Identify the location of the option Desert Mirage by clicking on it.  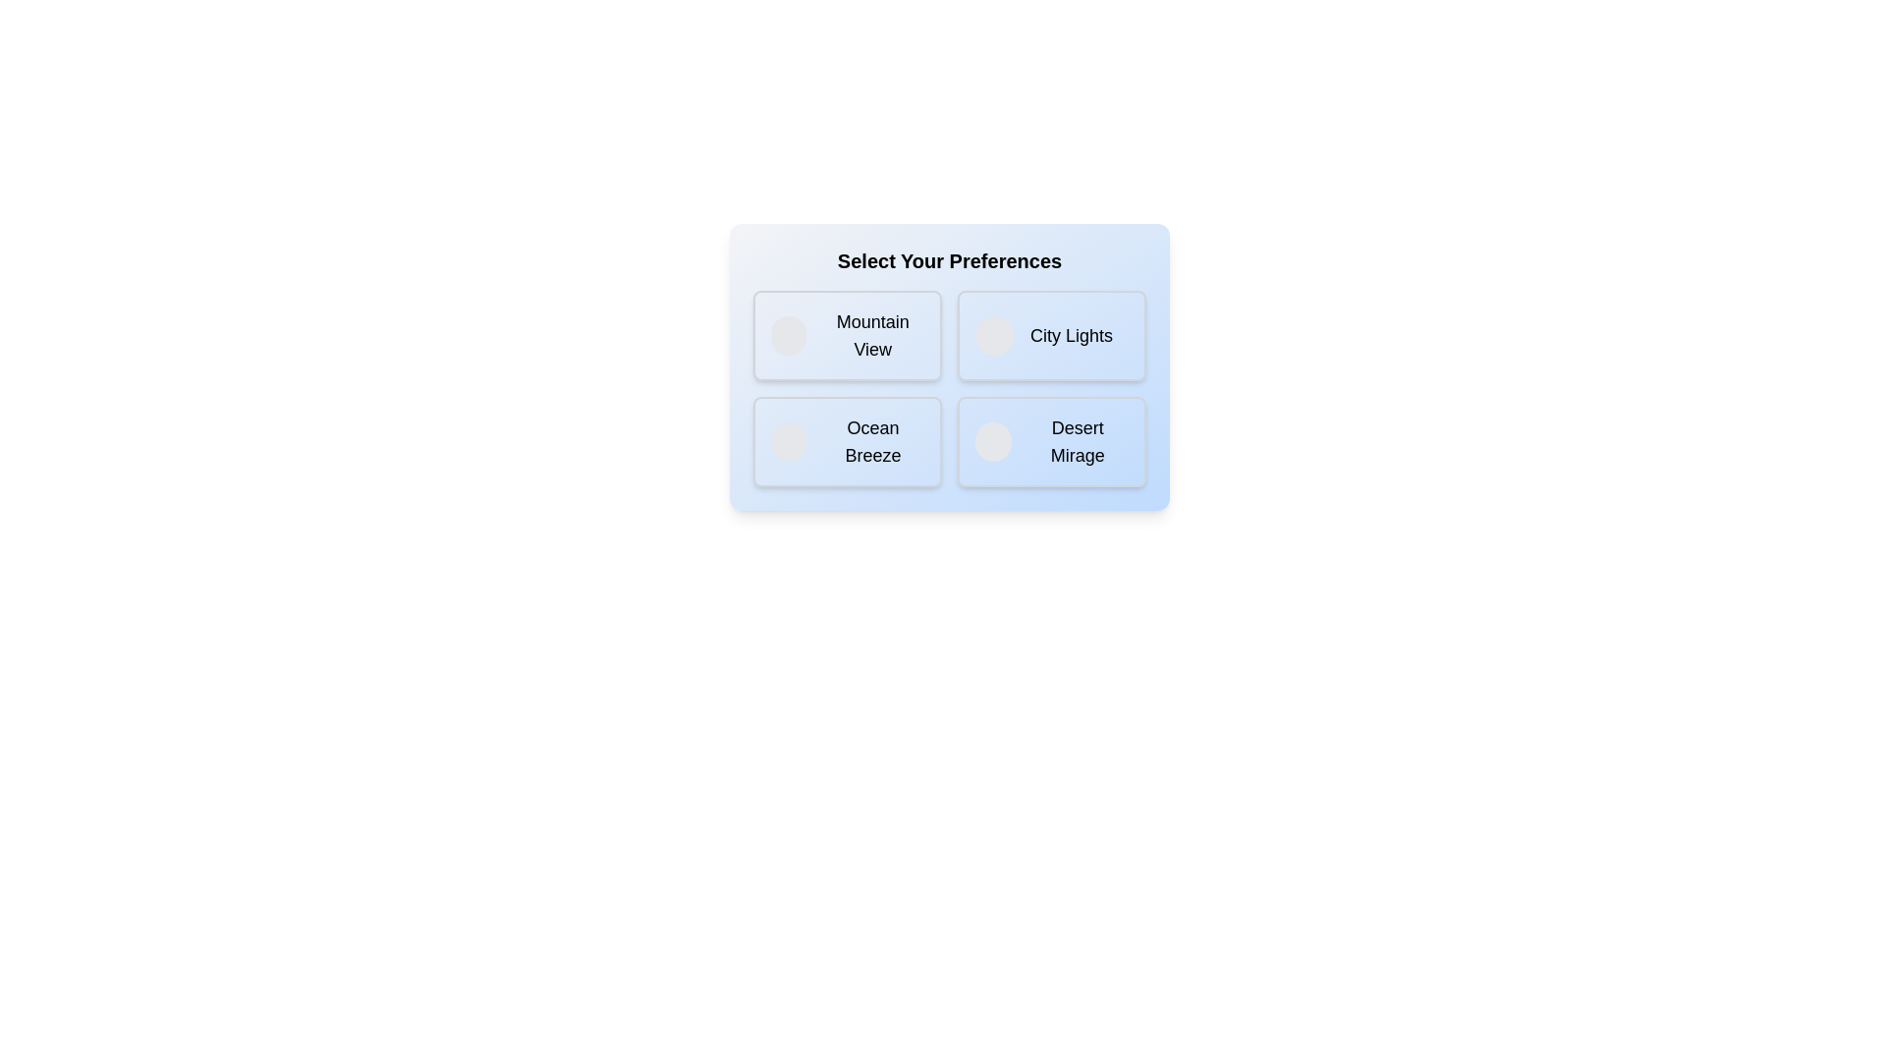
(1050, 442).